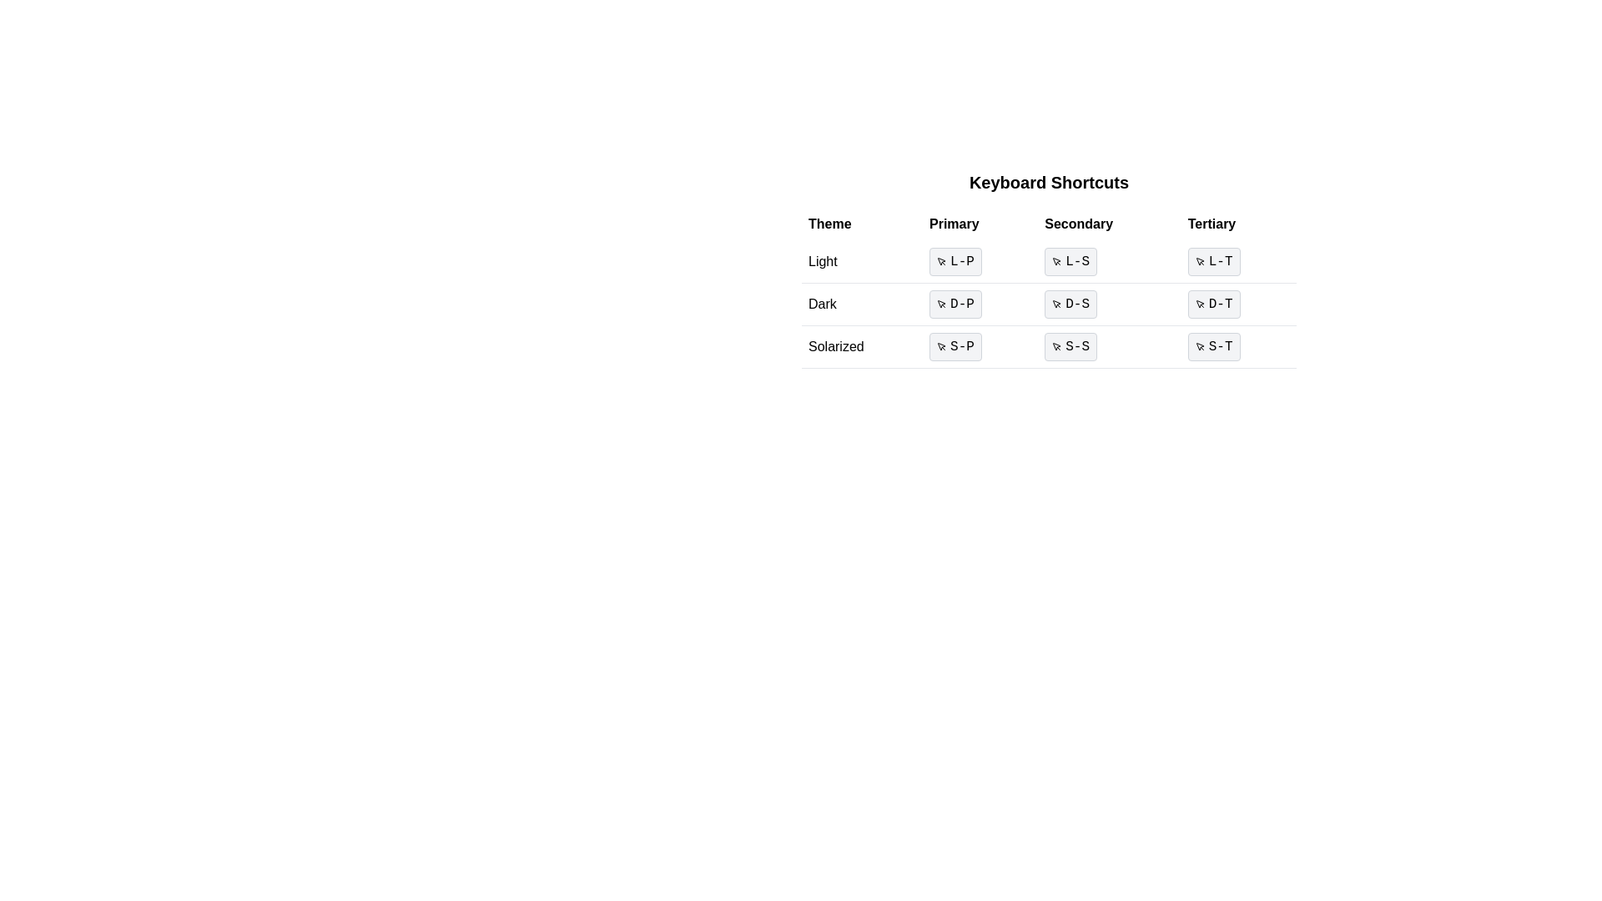 The image size is (1602, 901). I want to click on the rectangular button with light gray background labeled 'L-T', so click(1214, 261).